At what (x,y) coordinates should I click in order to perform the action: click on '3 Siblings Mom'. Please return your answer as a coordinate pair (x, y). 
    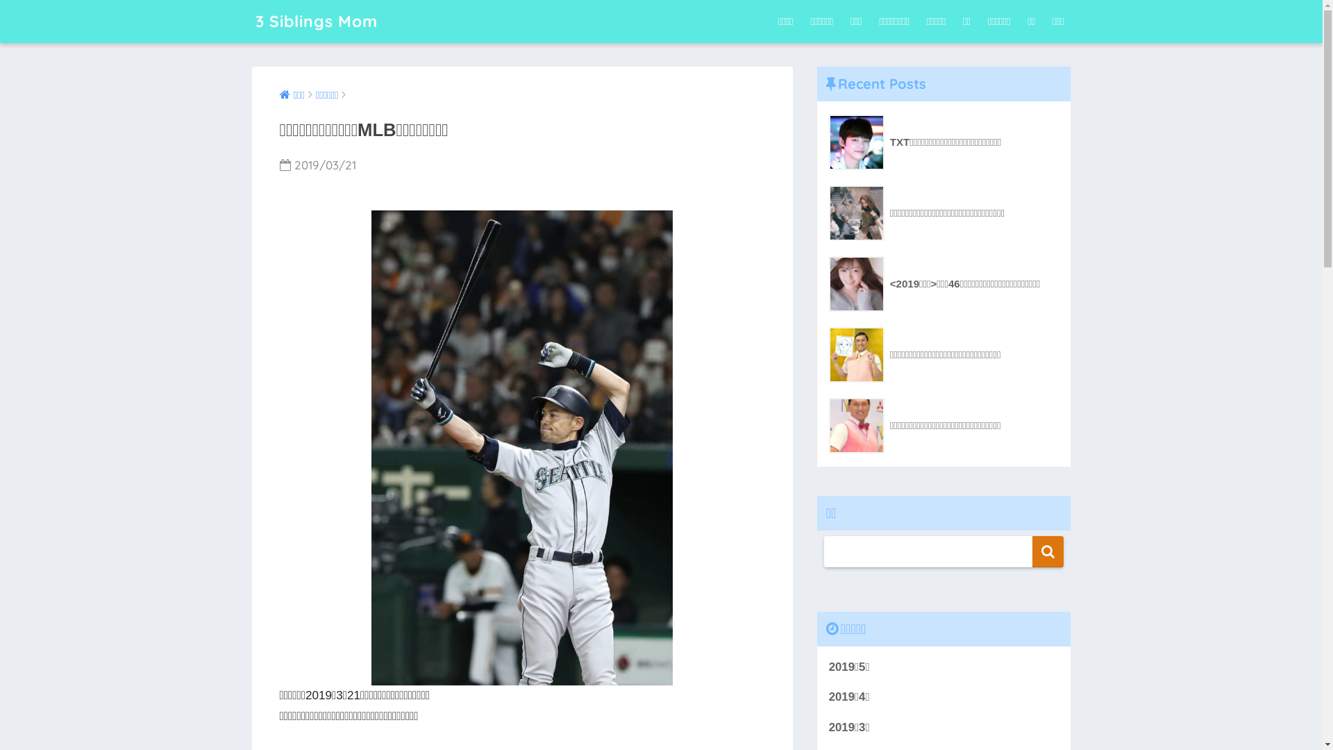
    Looking at the image, I should click on (316, 21).